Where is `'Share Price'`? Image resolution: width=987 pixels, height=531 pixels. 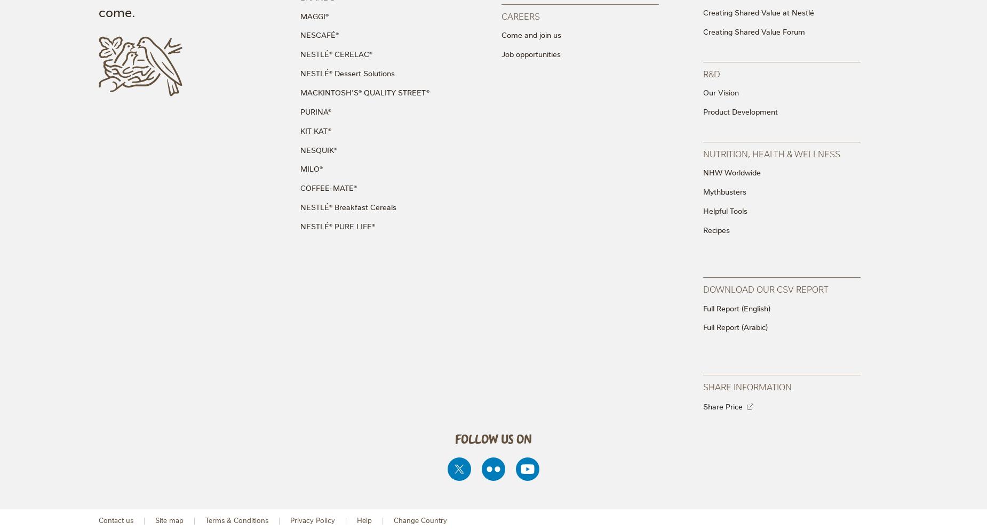
'Share Price' is located at coordinates (702, 406).